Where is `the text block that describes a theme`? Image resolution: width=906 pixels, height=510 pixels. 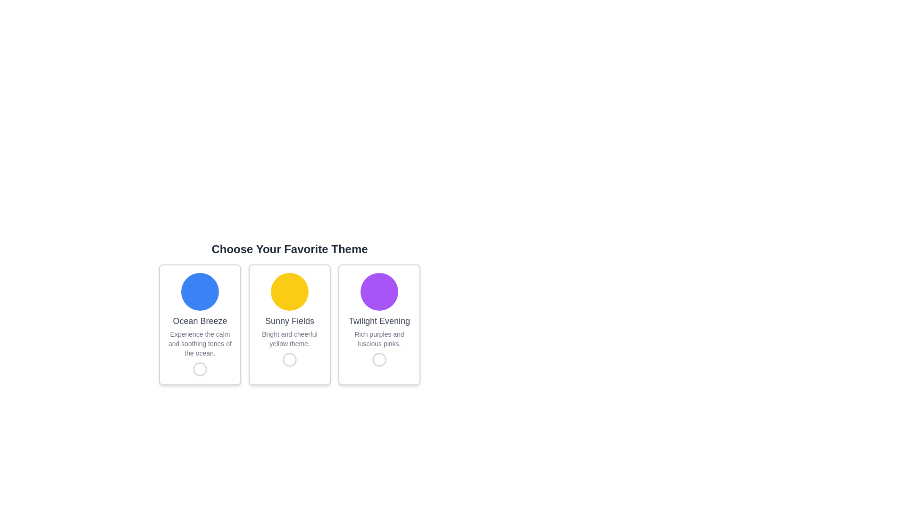
the text block that describes a theme is located at coordinates (379, 331).